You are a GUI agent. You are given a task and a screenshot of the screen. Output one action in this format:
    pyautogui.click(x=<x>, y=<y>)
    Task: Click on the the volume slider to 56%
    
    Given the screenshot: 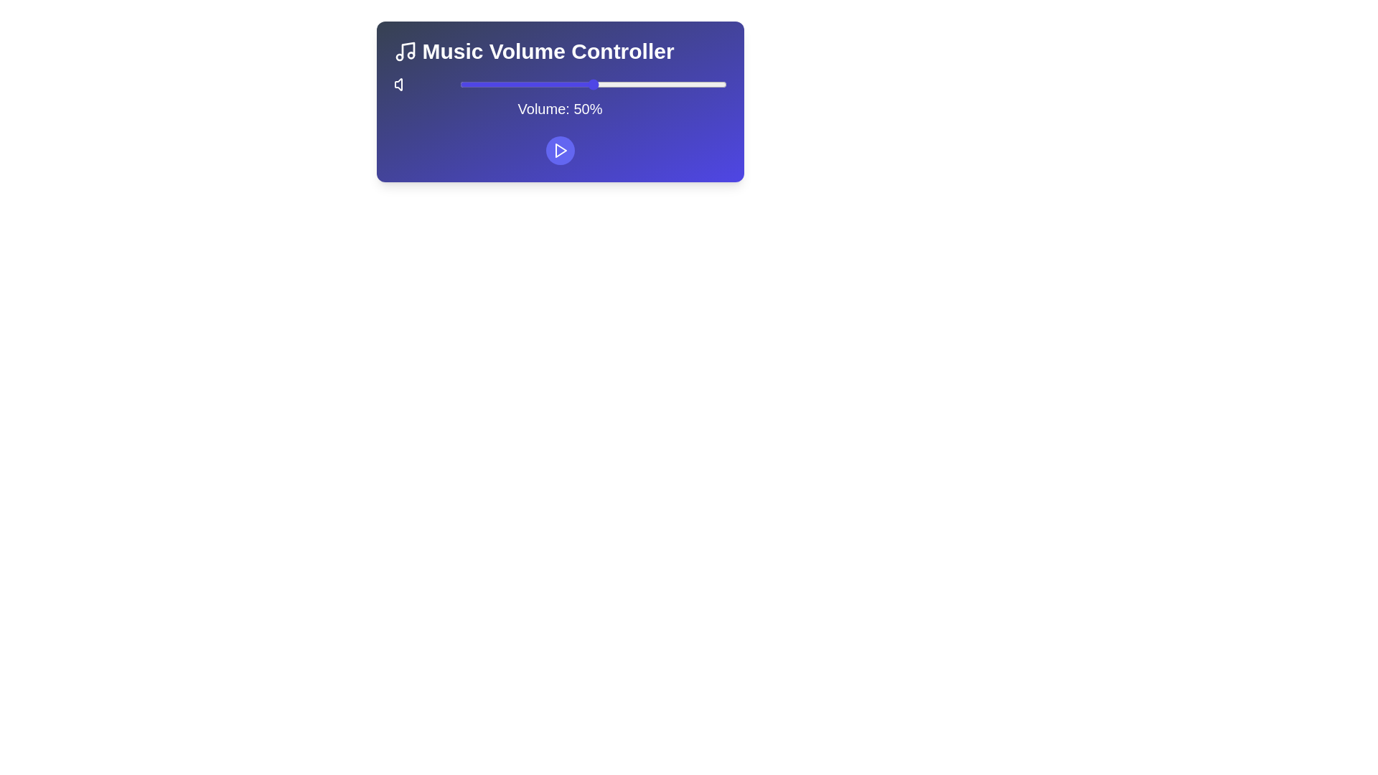 What is the action you would take?
    pyautogui.click(x=609, y=85)
    